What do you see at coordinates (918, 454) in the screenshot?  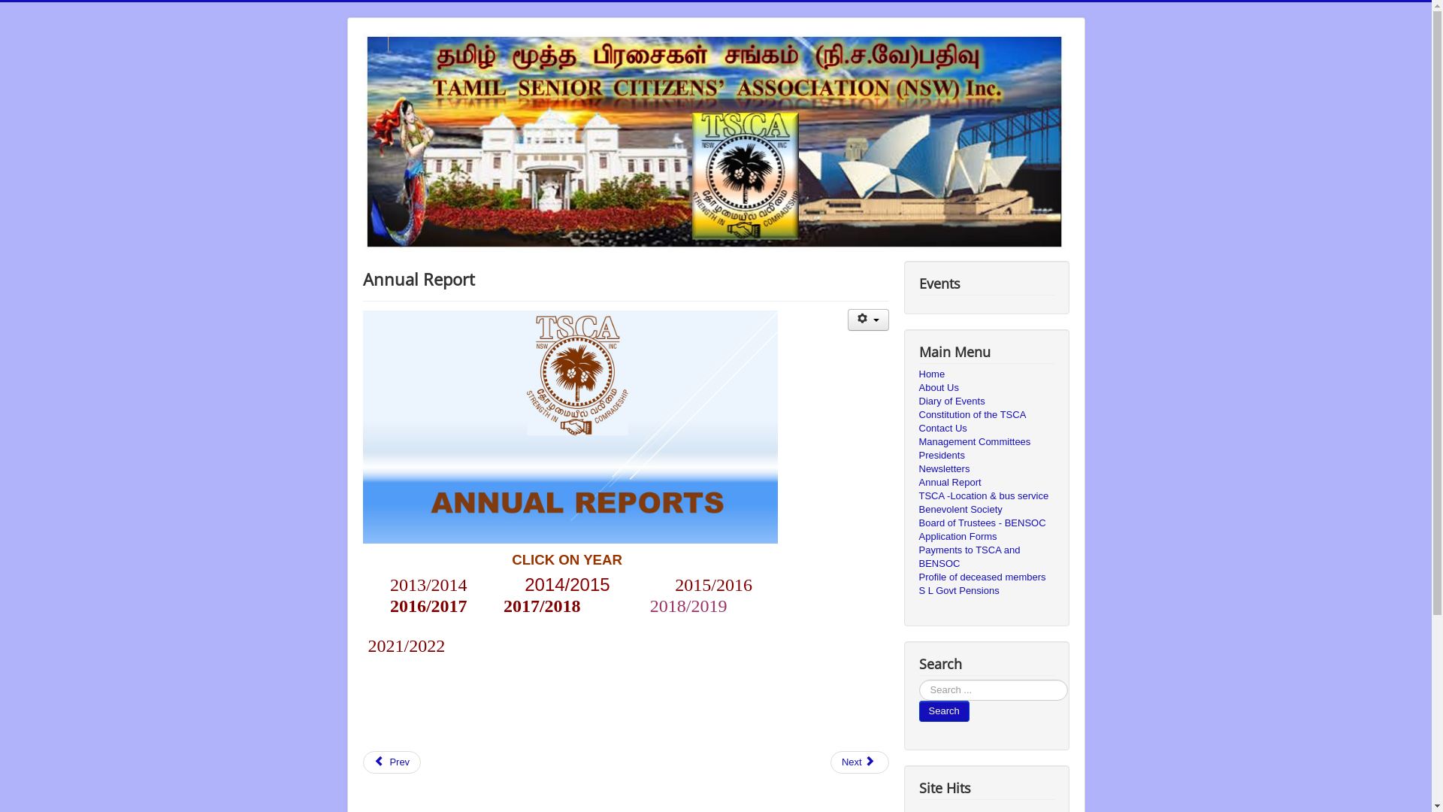 I see `'Presidents'` at bounding box center [918, 454].